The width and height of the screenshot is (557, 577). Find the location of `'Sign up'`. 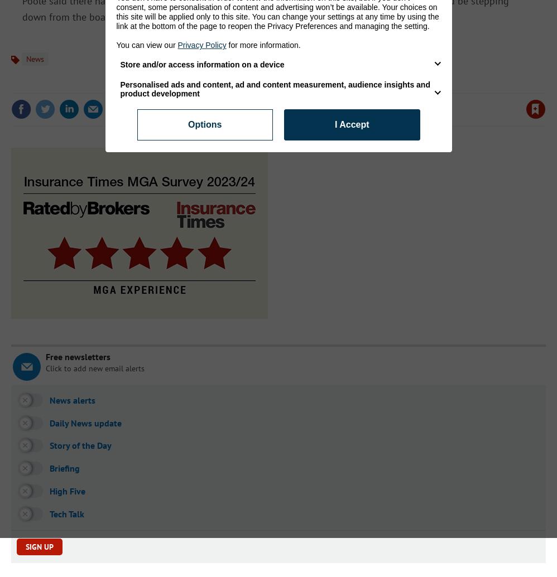

'Sign up' is located at coordinates (39, 546).